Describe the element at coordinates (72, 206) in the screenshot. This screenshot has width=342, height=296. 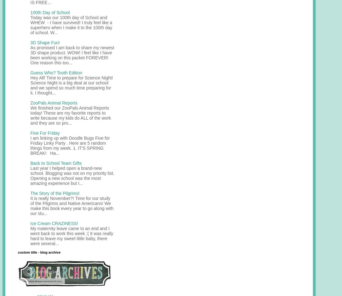
I see `'It is really November?! Time for our study of the Pilgrims and Native Americans! We make this book every year to go along with our stu...'` at that location.